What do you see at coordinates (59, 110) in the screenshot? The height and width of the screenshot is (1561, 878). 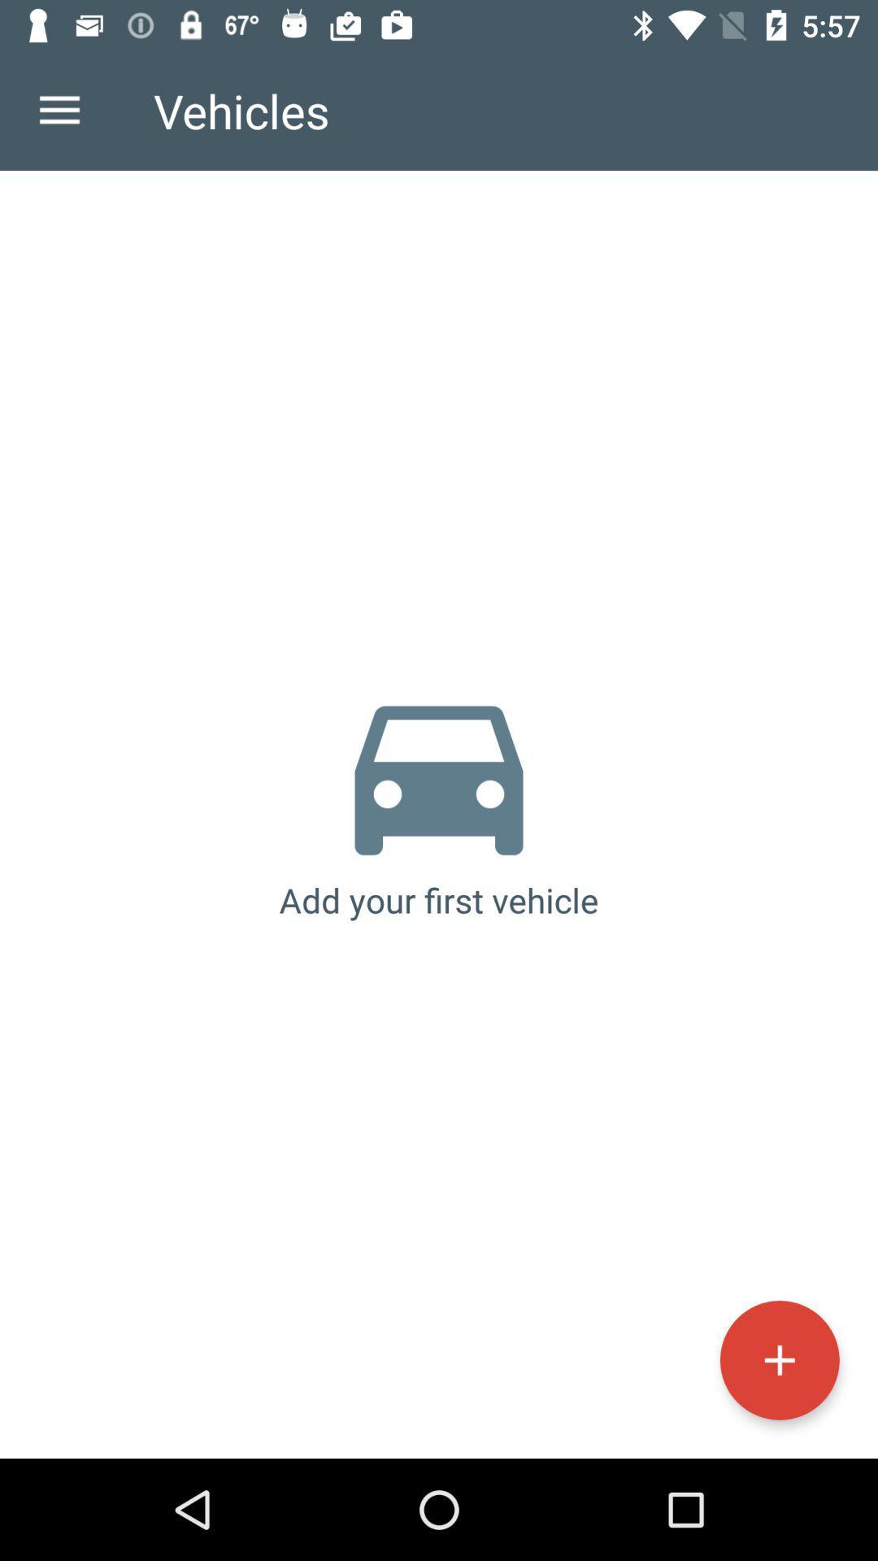 I see `the icon to the left of the vehicles` at bounding box center [59, 110].